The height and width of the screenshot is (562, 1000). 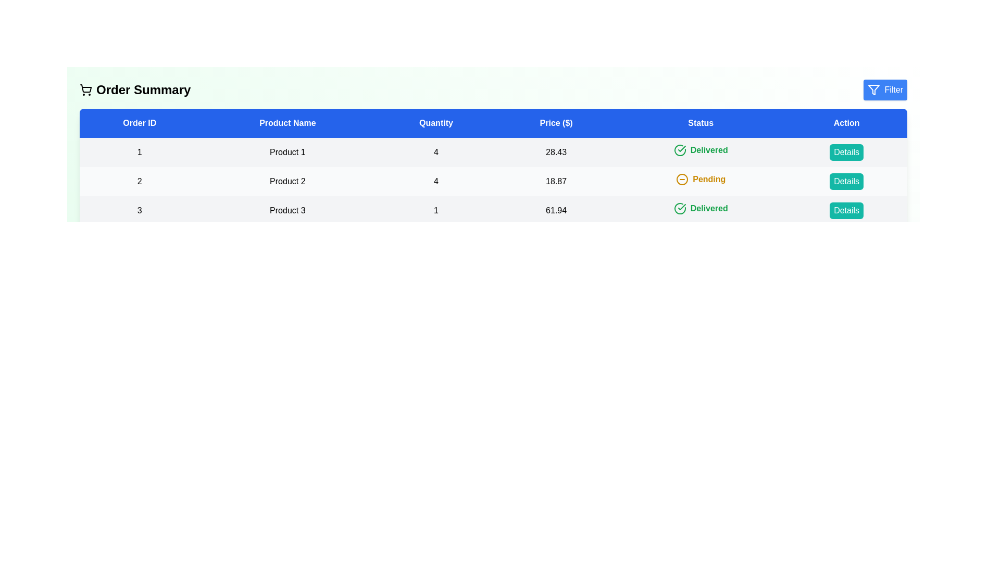 What do you see at coordinates (884, 90) in the screenshot?
I see `the 'Filter' button to filter orders` at bounding box center [884, 90].